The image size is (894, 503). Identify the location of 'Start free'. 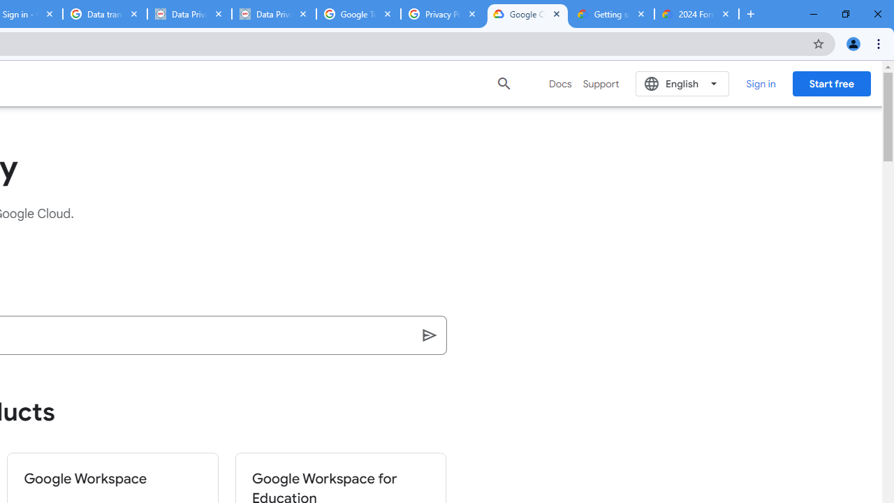
(831, 83).